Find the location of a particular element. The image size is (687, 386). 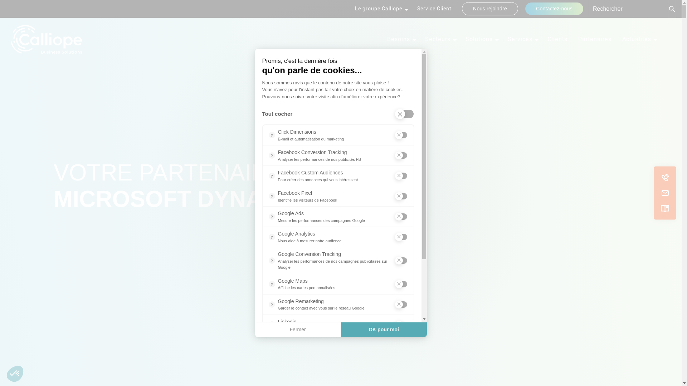

'OK pour moi' is located at coordinates (384, 330).